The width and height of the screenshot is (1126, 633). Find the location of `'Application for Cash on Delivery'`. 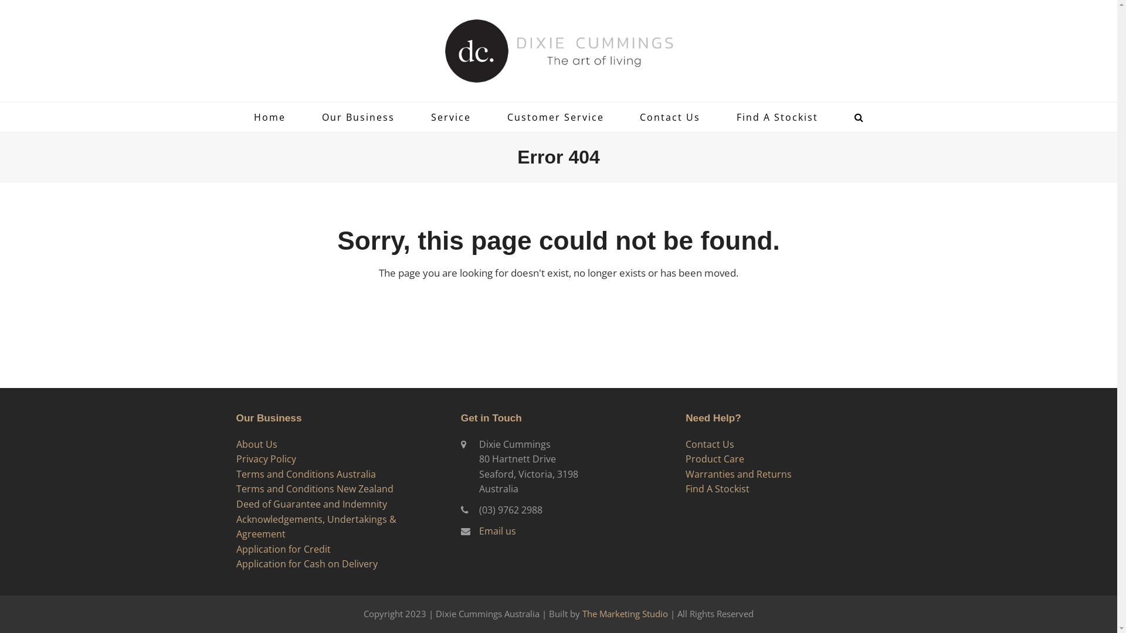

'Application for Cash on Delivery' is located at coordinates (306, 563).